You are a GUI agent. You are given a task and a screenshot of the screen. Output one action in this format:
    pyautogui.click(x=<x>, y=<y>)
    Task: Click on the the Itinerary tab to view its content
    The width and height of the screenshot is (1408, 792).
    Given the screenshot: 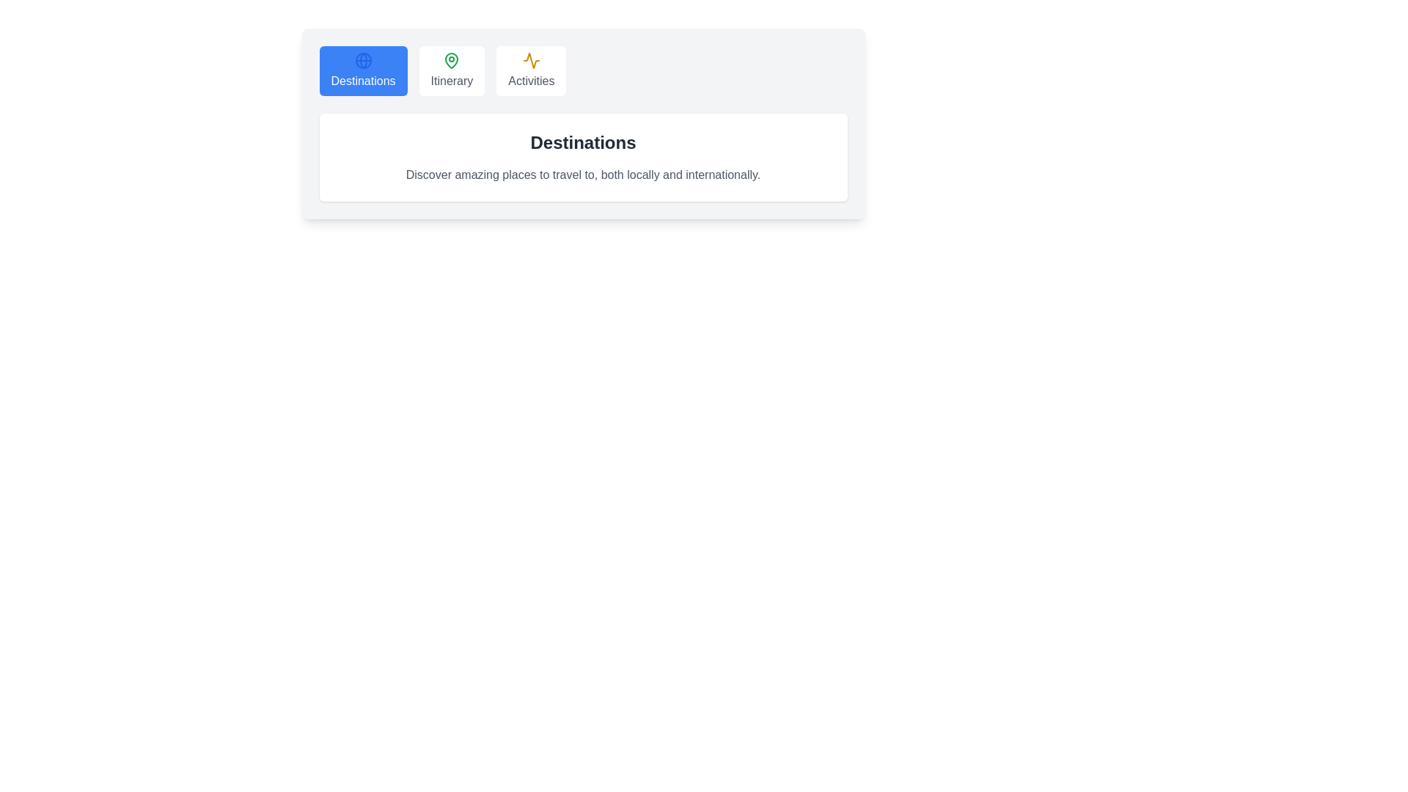 What is the action you would take?
    pyautogui.click(x=451, y=70)
    